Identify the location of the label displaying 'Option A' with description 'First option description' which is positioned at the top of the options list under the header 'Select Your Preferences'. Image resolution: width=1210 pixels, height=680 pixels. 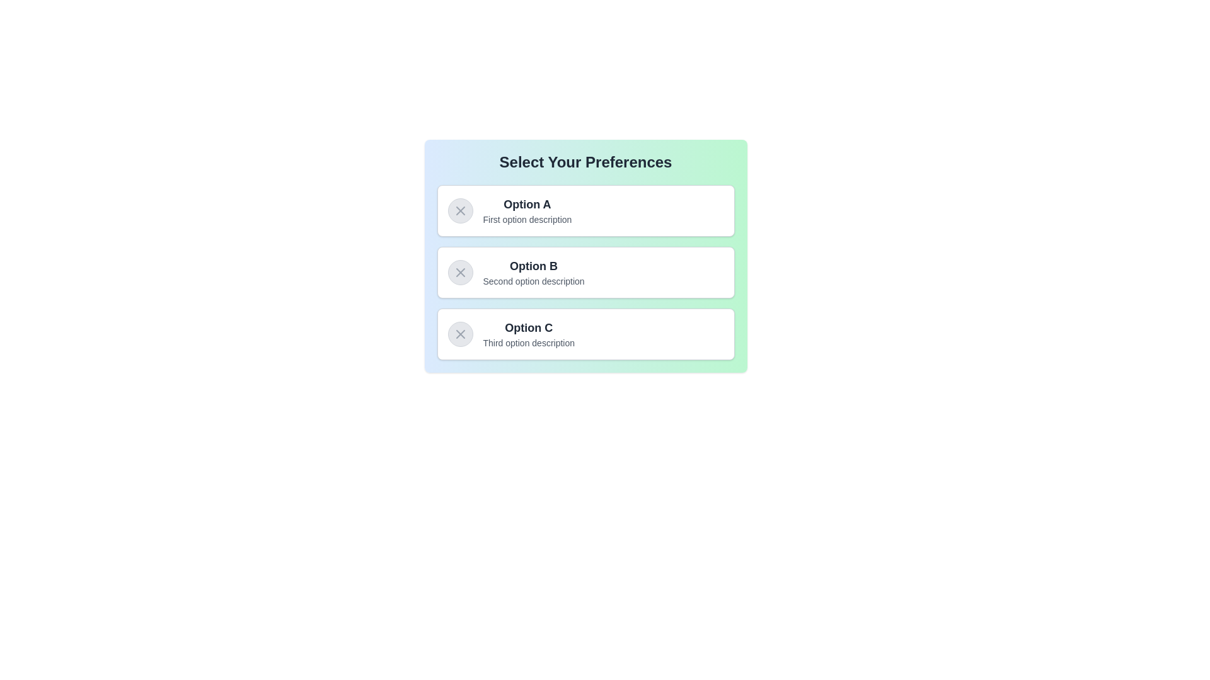
(527, 210).